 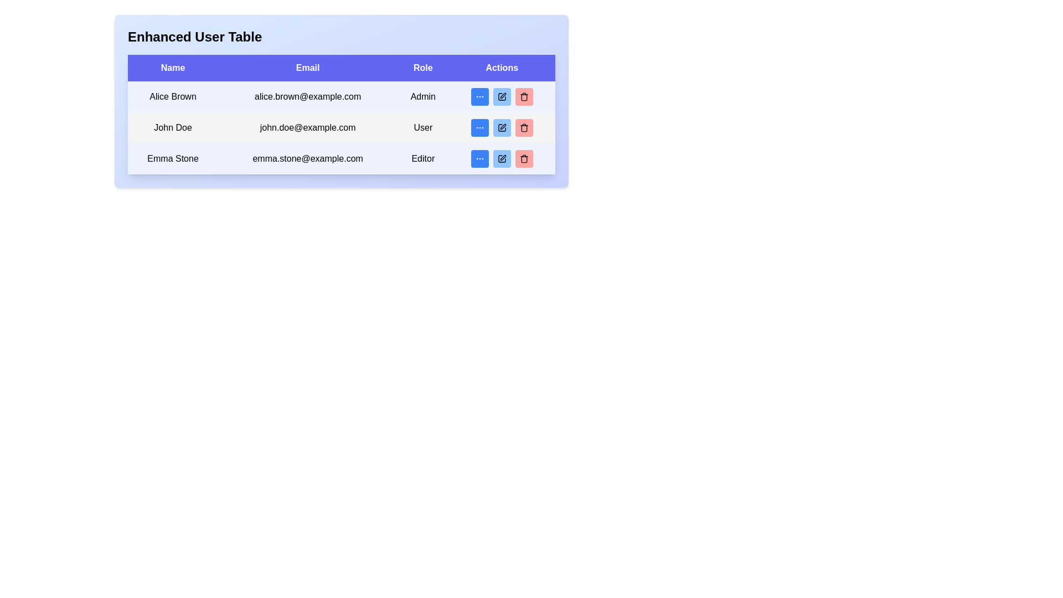 I want to click on the Trash Icon inside Button in the 'Actions' column of the third row associated with user 'Emma Stone', so click(x=523, y=158).